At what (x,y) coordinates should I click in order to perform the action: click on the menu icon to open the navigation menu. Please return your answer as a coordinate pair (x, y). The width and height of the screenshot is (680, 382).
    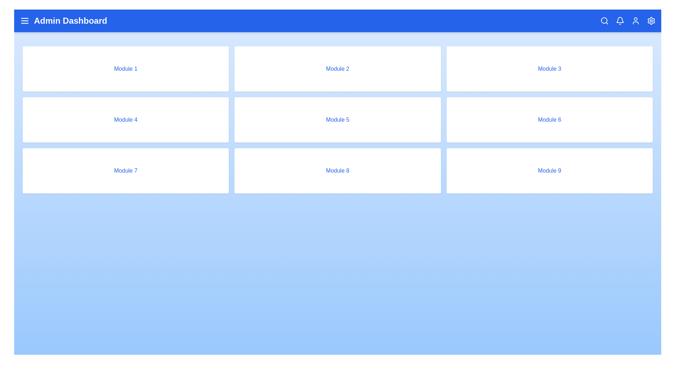
    Looking at the image, I should click on (25, 20).